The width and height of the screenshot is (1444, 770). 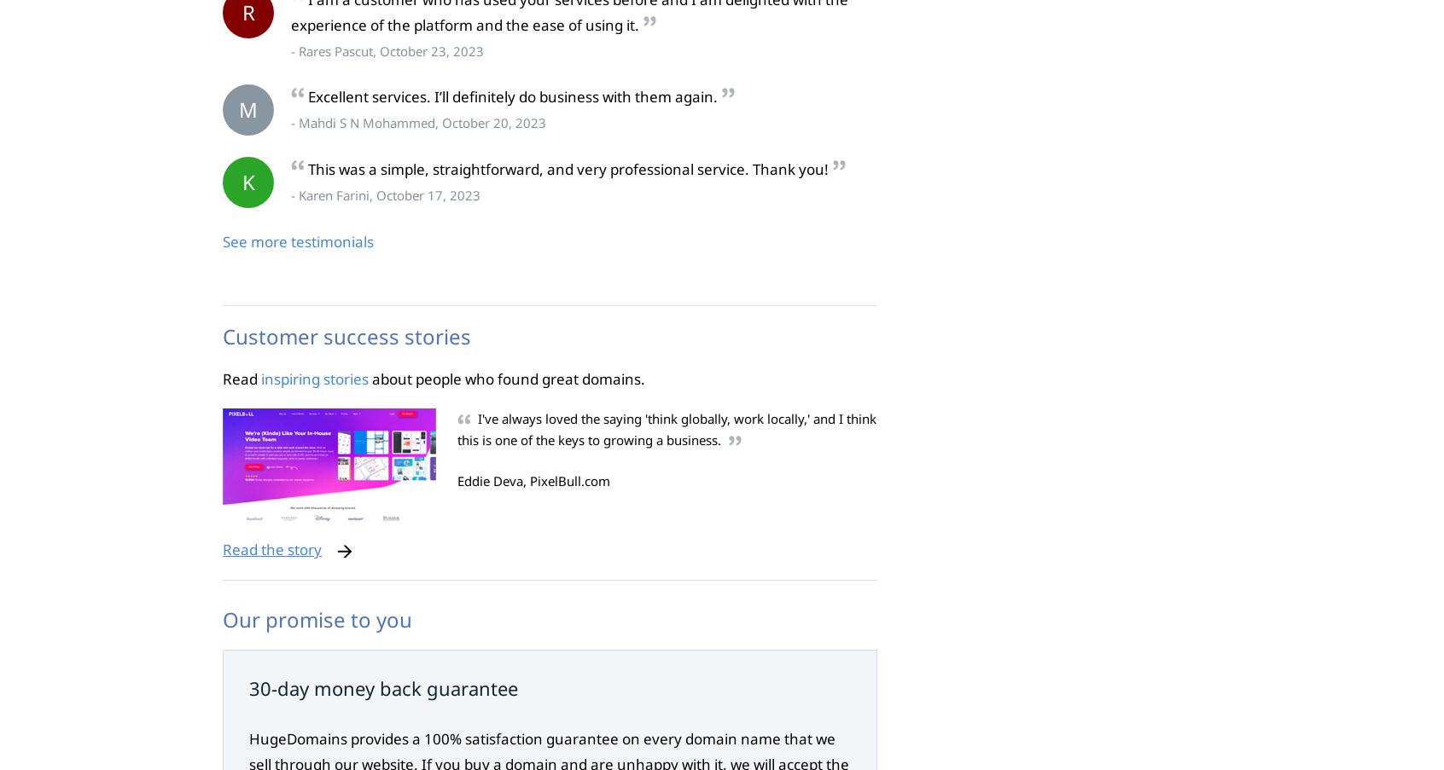 What do you see at coordinates (223, 619) in the screenshot?
I see `'Our promise to you'` at bounding box center [223, 619].